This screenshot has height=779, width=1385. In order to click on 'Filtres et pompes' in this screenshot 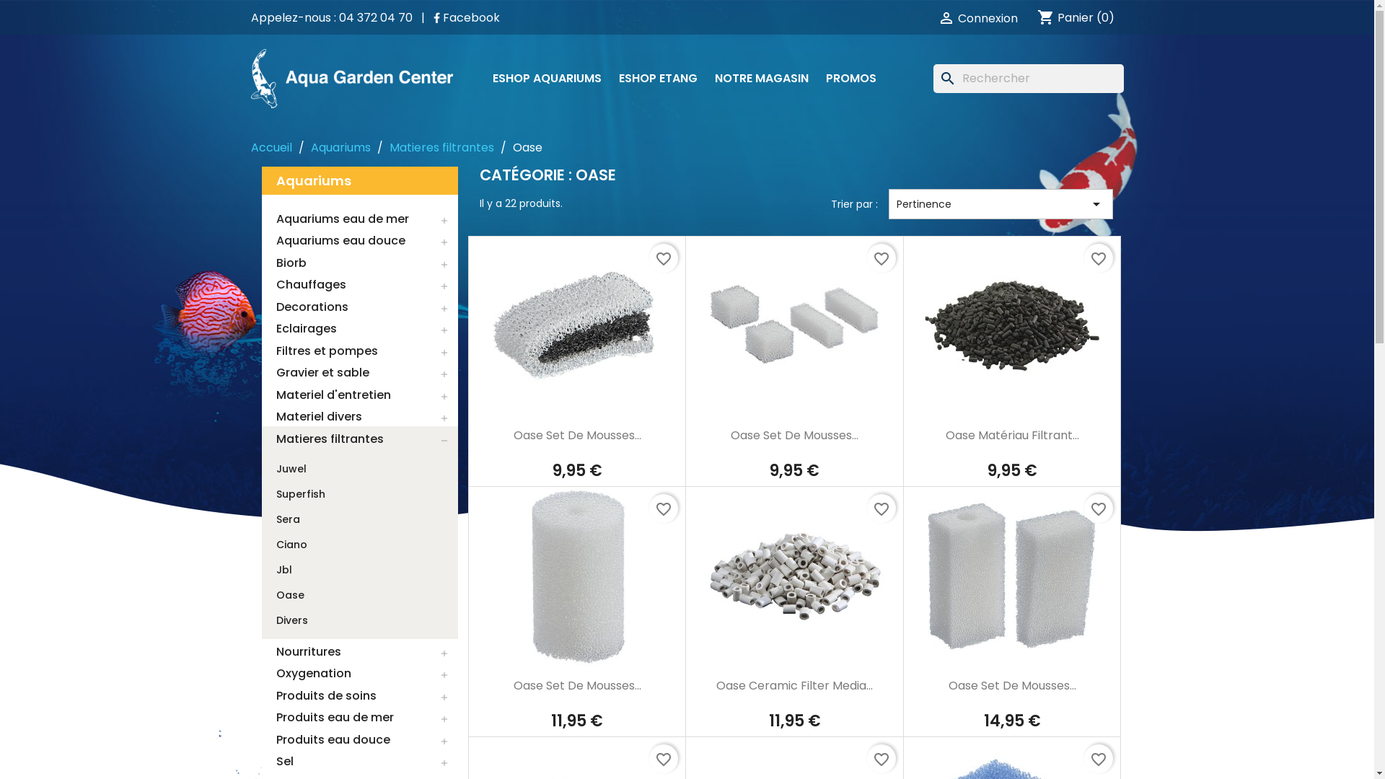, I will do `click(359, 351)`.